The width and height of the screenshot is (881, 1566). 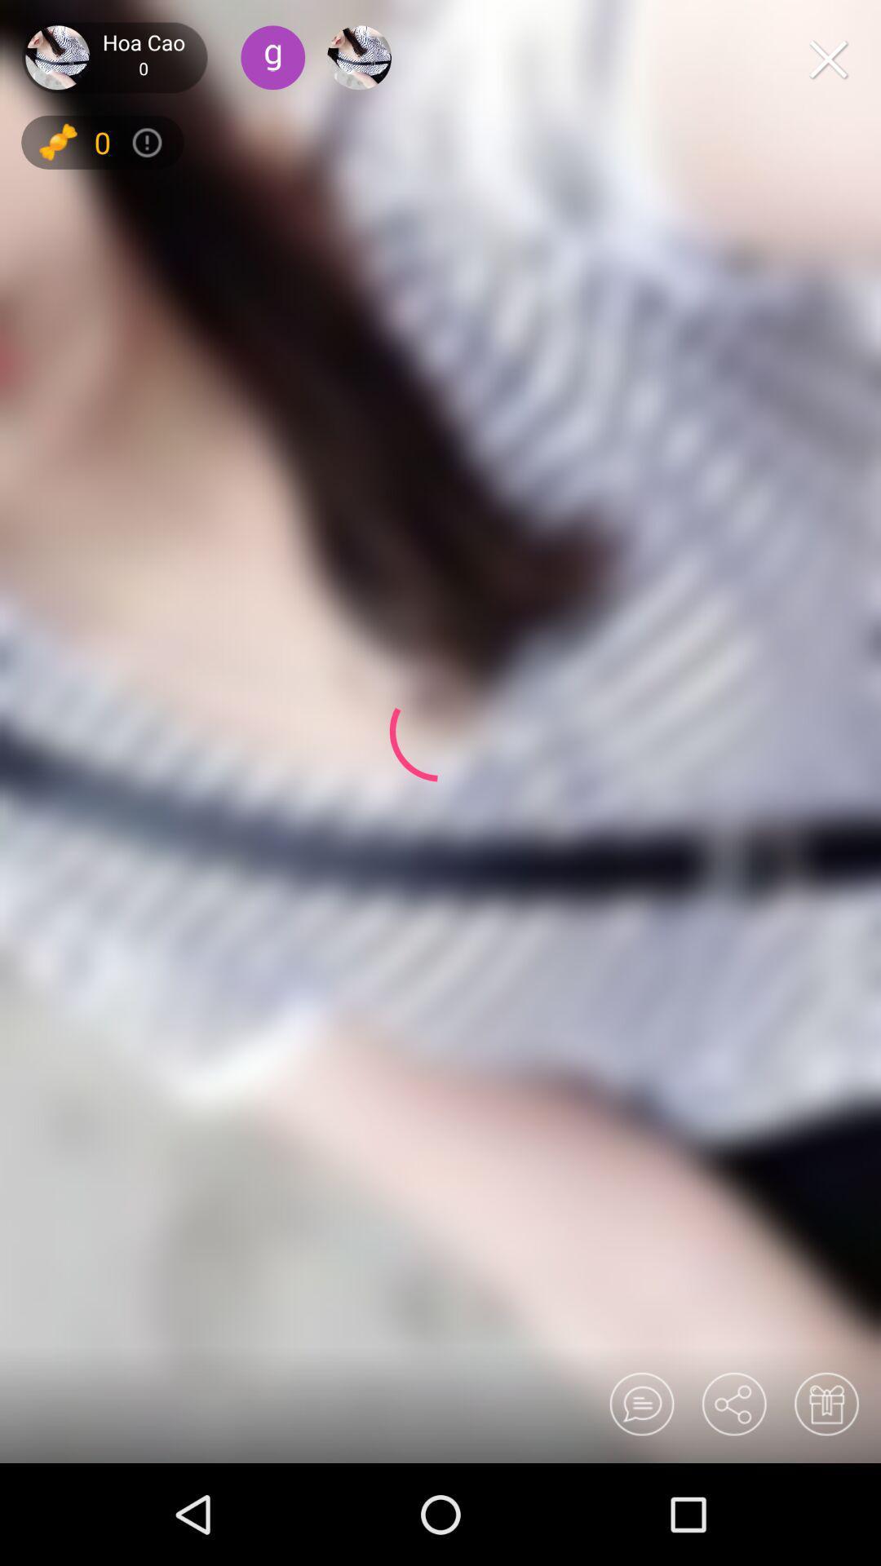 What do you see at coordinates (826, 1403) in the screenshot?
I see `the gift icon` at bounding box center [826, 1403].